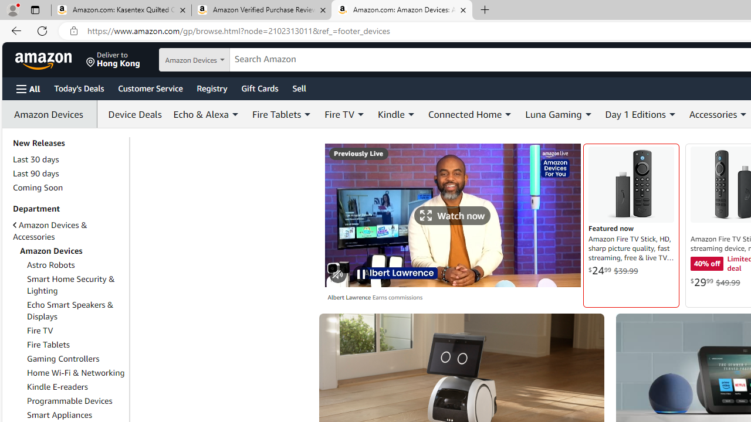 This screenshot has width=751, height=422. What do you see at coordinates (261, 10) in the screenshot?
I see `'Amazon Verified Purchase Reviews - Amazon Customer Service'` at bounding box center [261, 10].